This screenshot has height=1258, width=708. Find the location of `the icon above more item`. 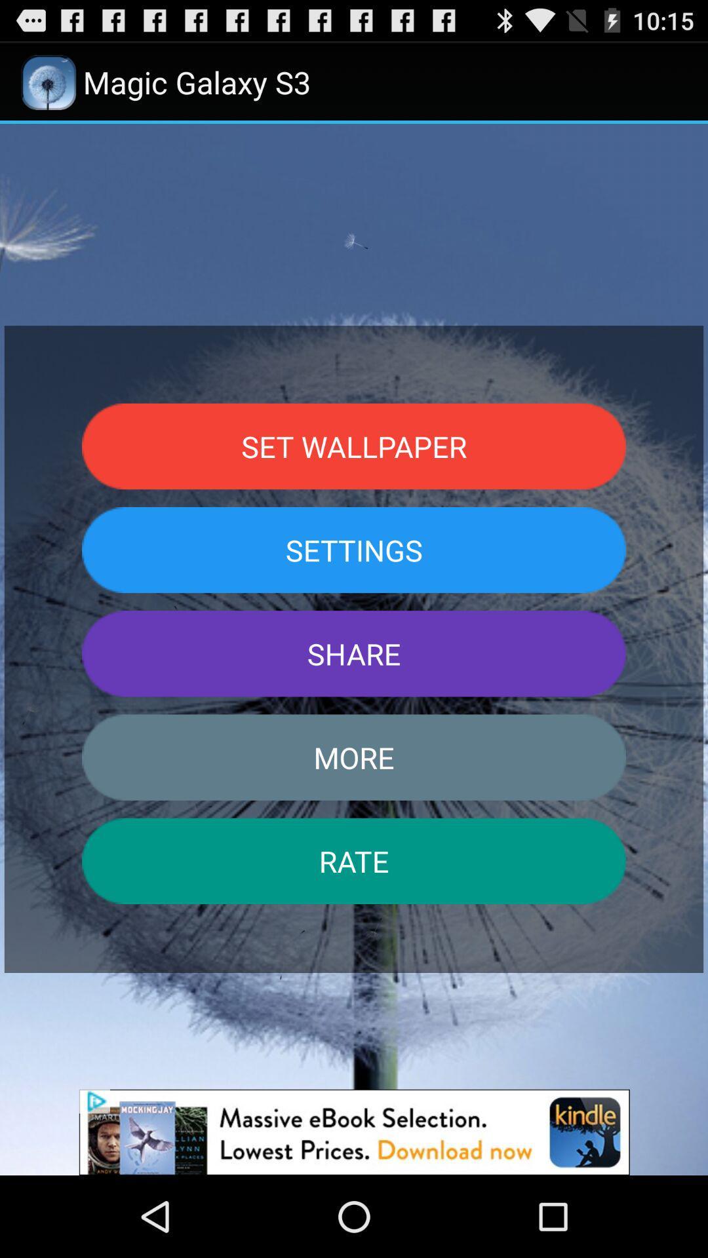

the icon above more item is located at coordinates (354, 653).